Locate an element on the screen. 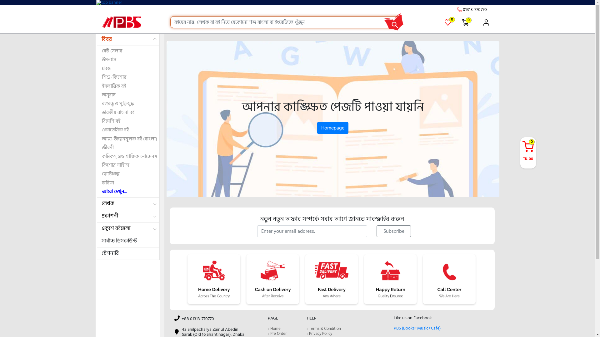  '01313-770770' is located at coordinates (474, 9).